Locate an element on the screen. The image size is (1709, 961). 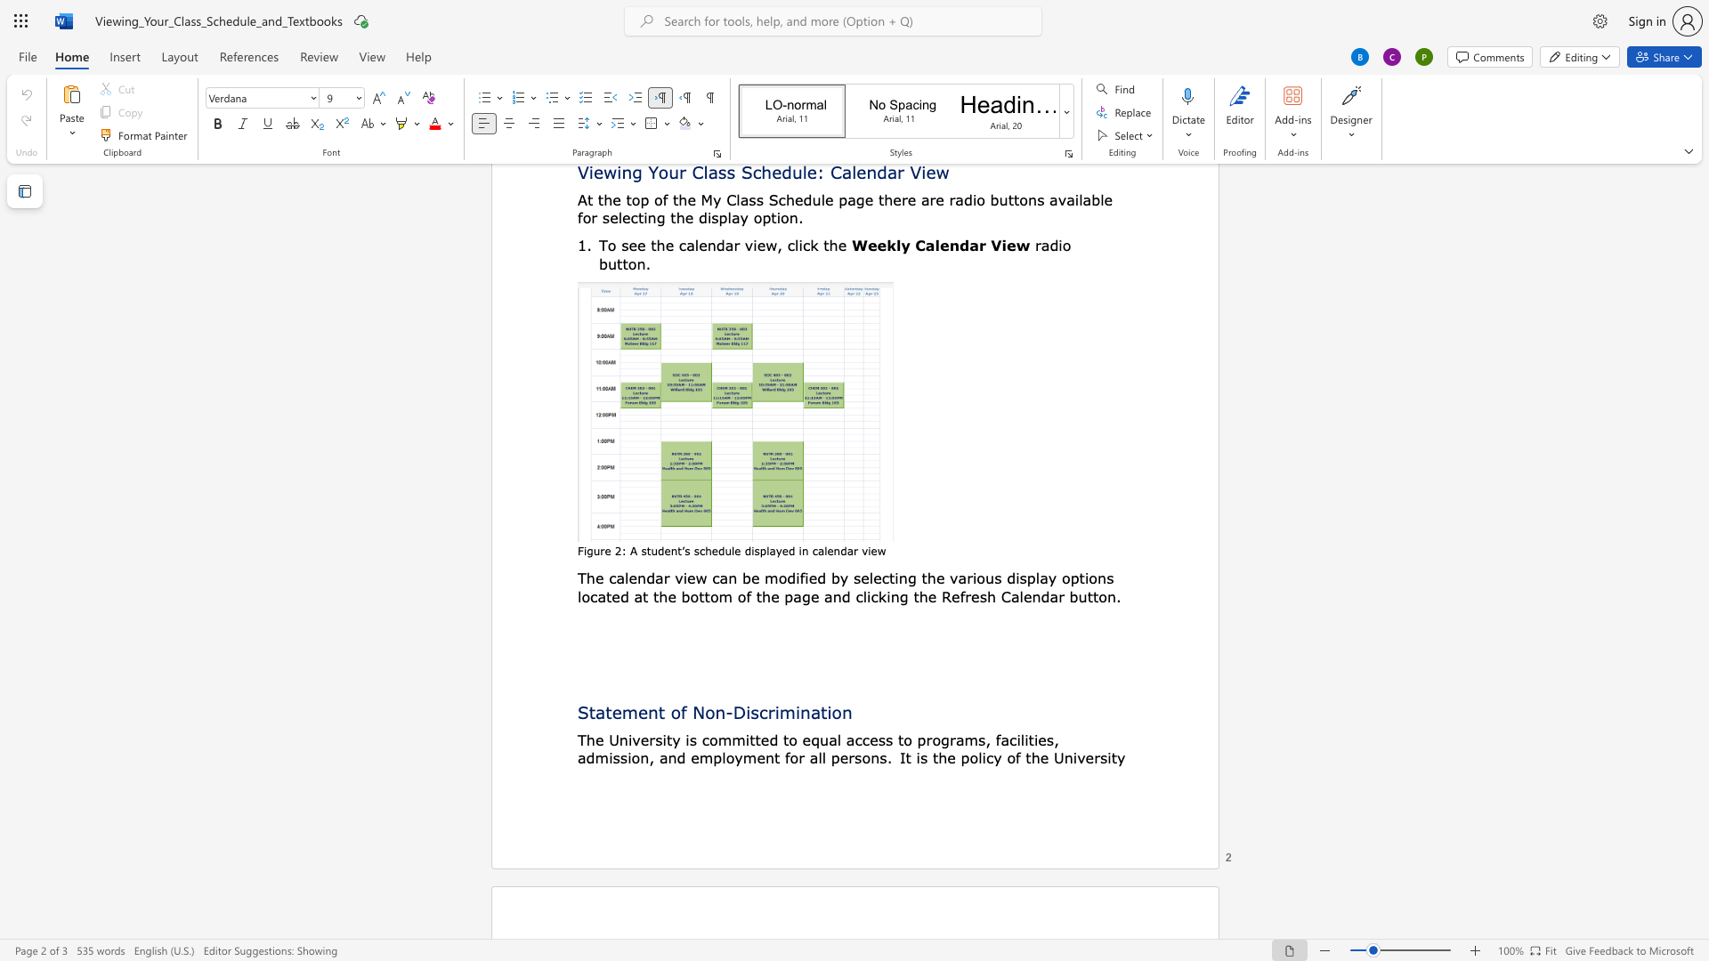
the 1th character "h" in the text is located at coordinates (930, 577).